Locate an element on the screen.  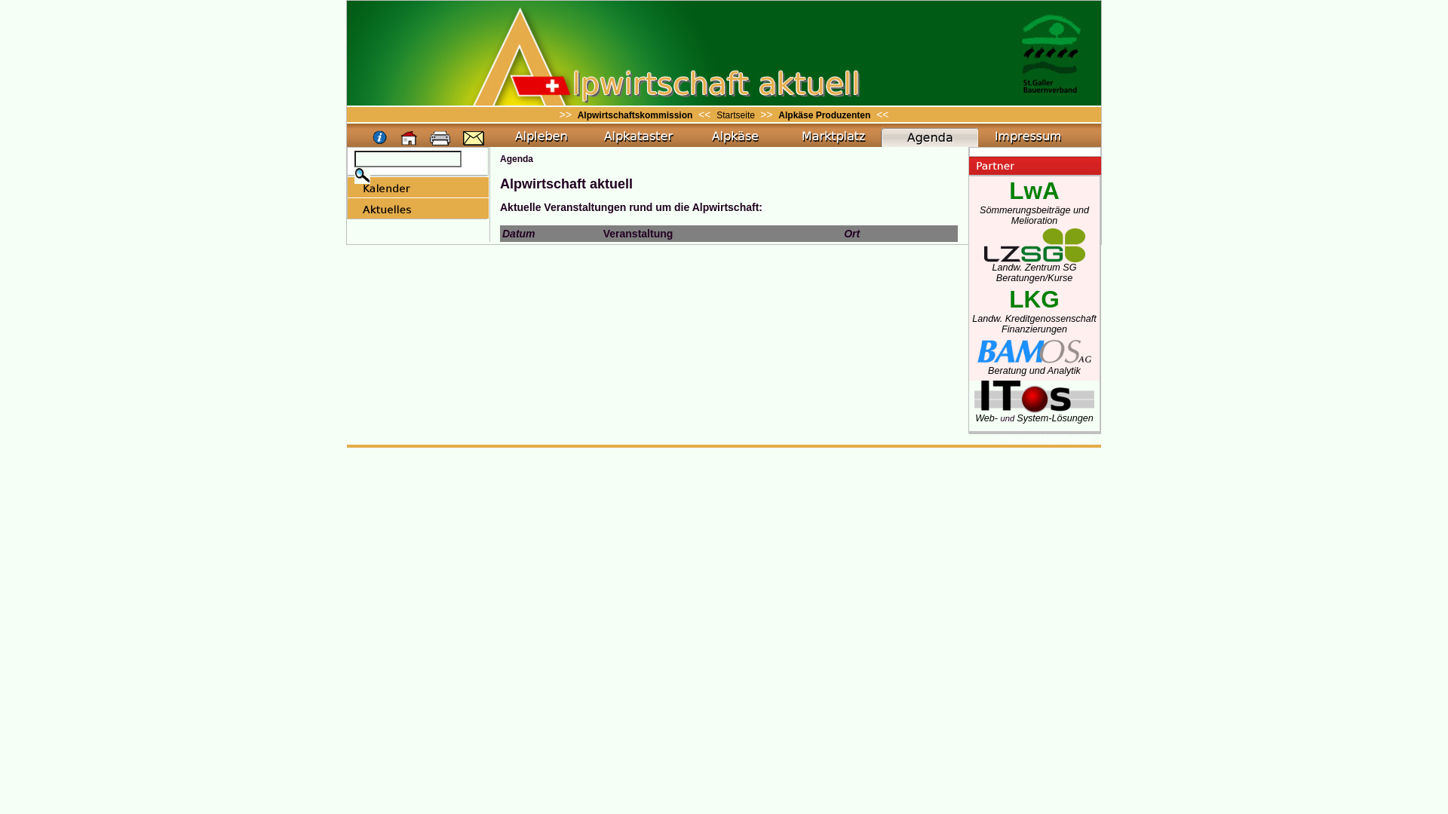
'Alpwirtschaftskommission' is located at coordinates (635, 115).